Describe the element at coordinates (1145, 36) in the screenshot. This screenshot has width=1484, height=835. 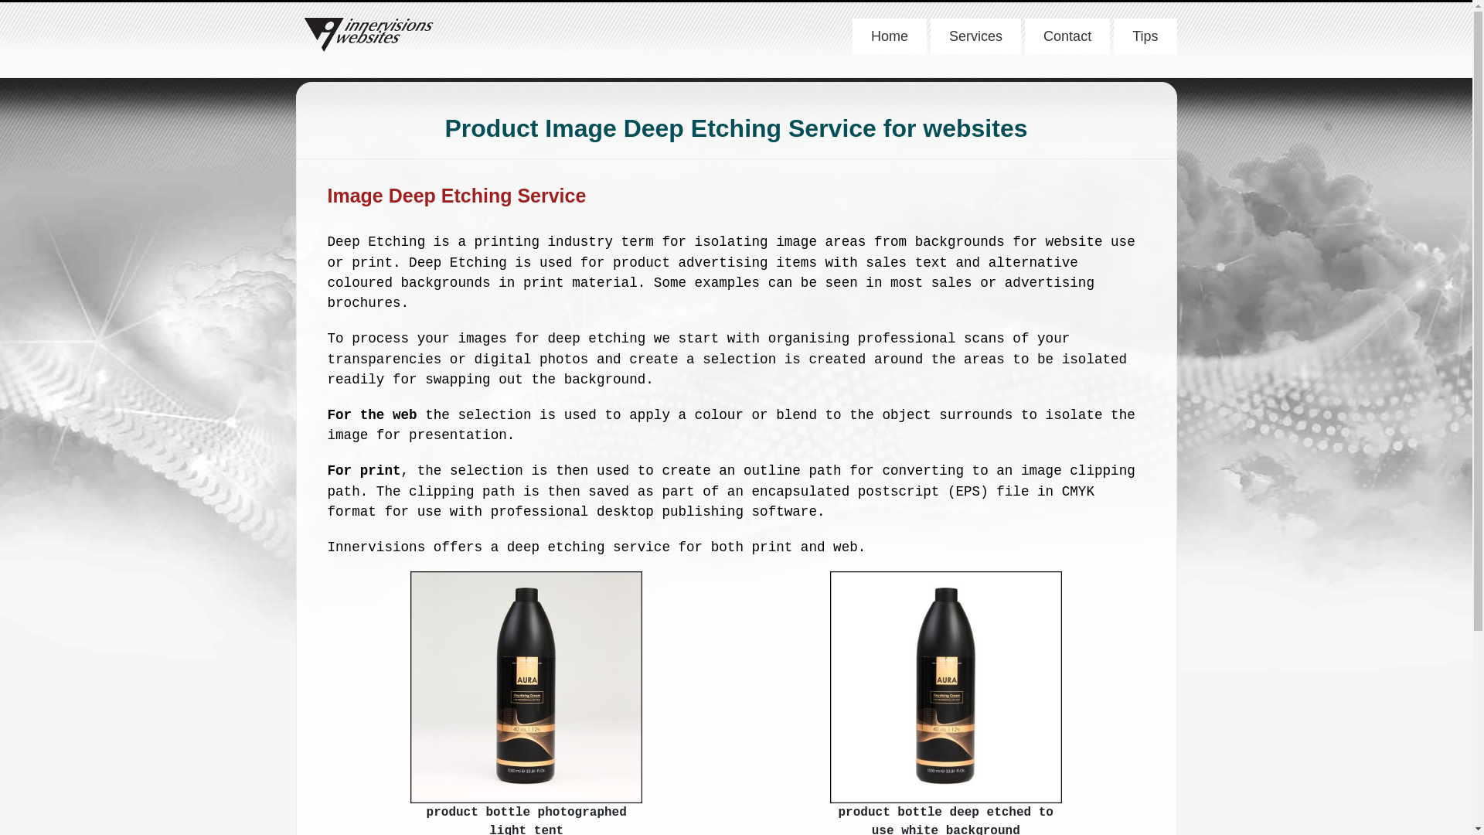
I see `'Tips'` at that location.